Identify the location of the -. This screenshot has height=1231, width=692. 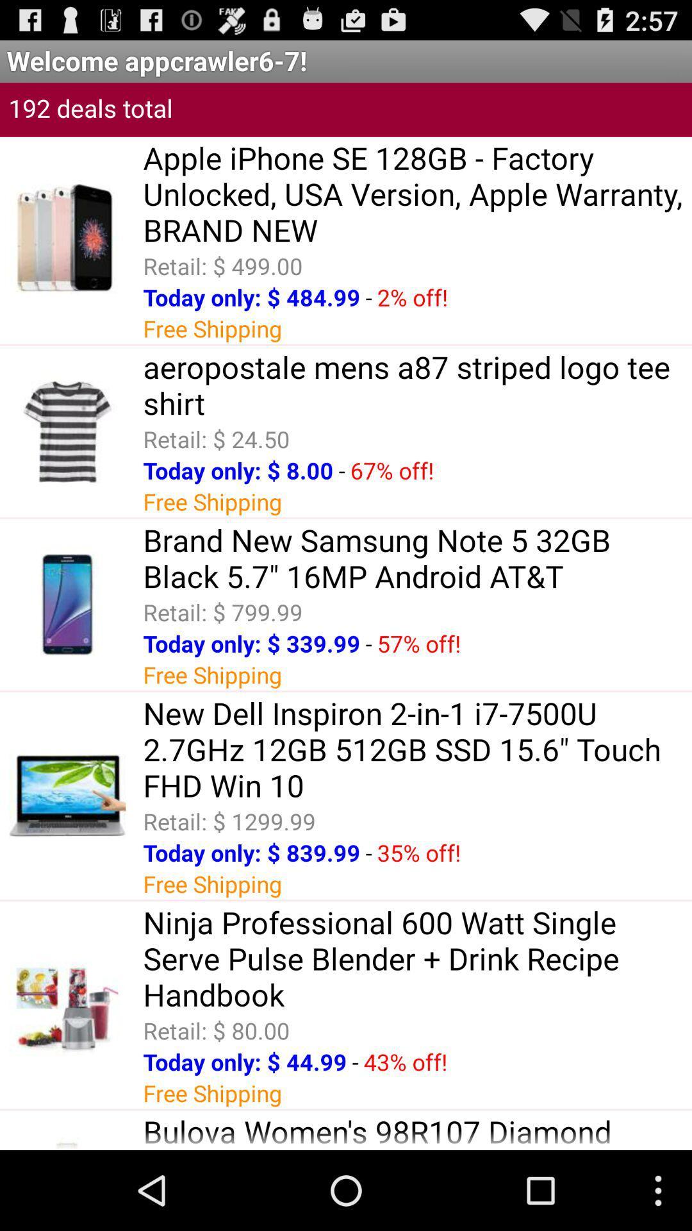
(341, 469).